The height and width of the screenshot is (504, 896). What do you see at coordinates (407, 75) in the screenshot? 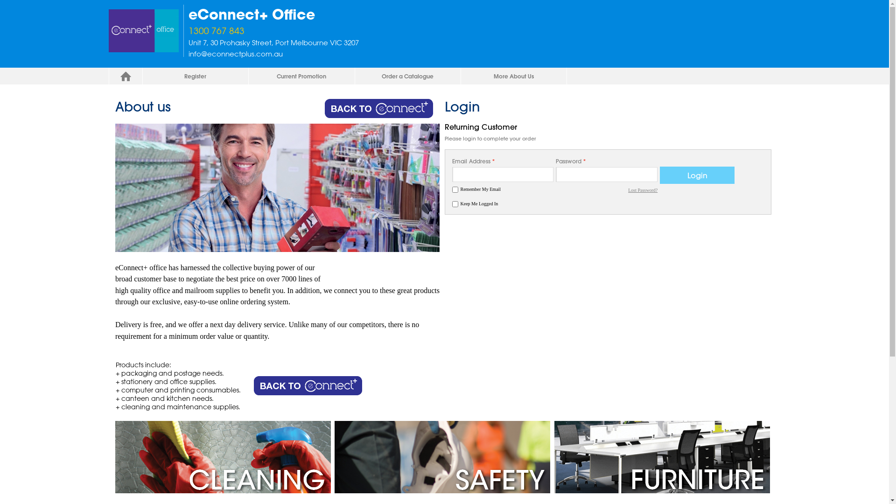
I see `'Order a Catalogue'` at bounding box center [407, 75].